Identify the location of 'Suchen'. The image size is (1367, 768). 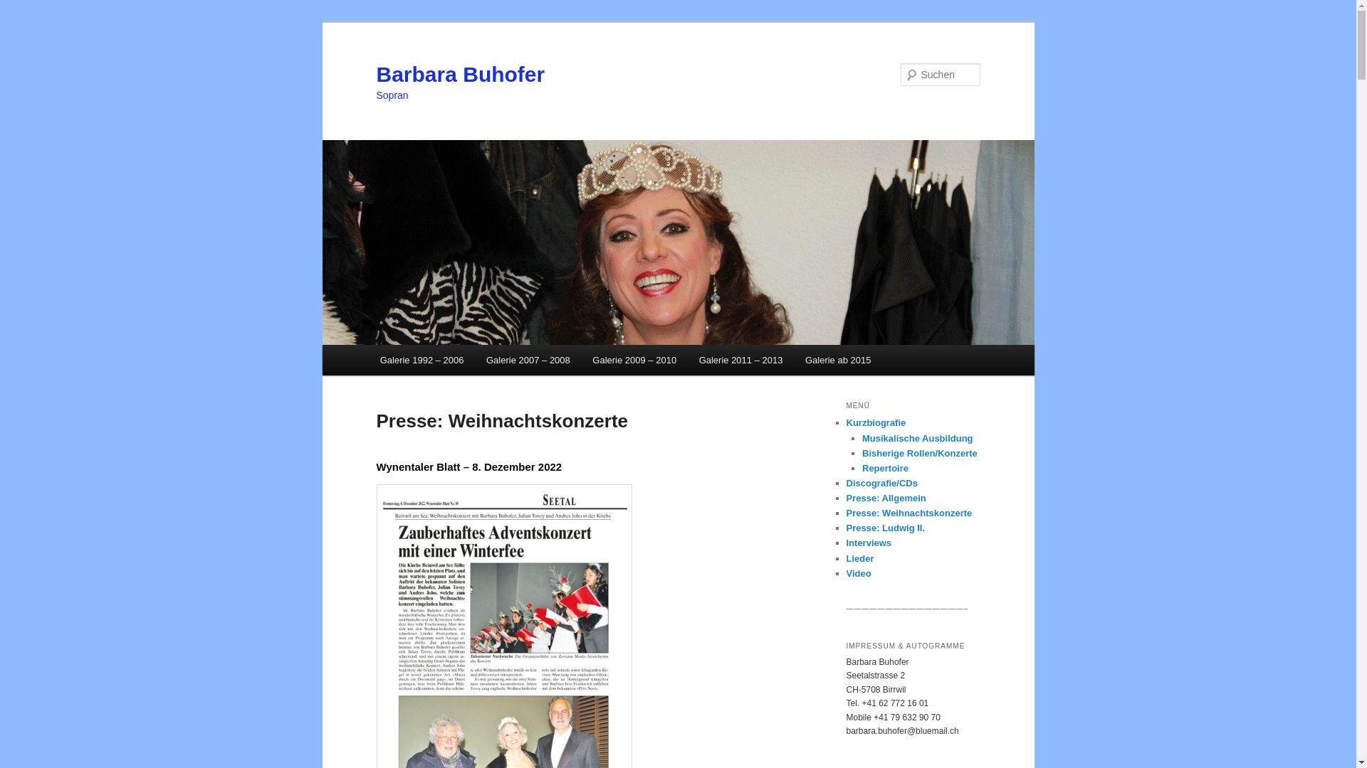
(23, 8).